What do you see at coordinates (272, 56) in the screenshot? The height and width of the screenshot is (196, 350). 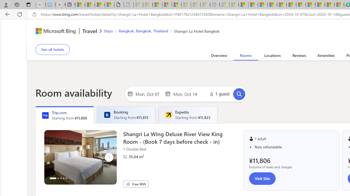 I see `'Locations'` at bounding box center [272, 56].